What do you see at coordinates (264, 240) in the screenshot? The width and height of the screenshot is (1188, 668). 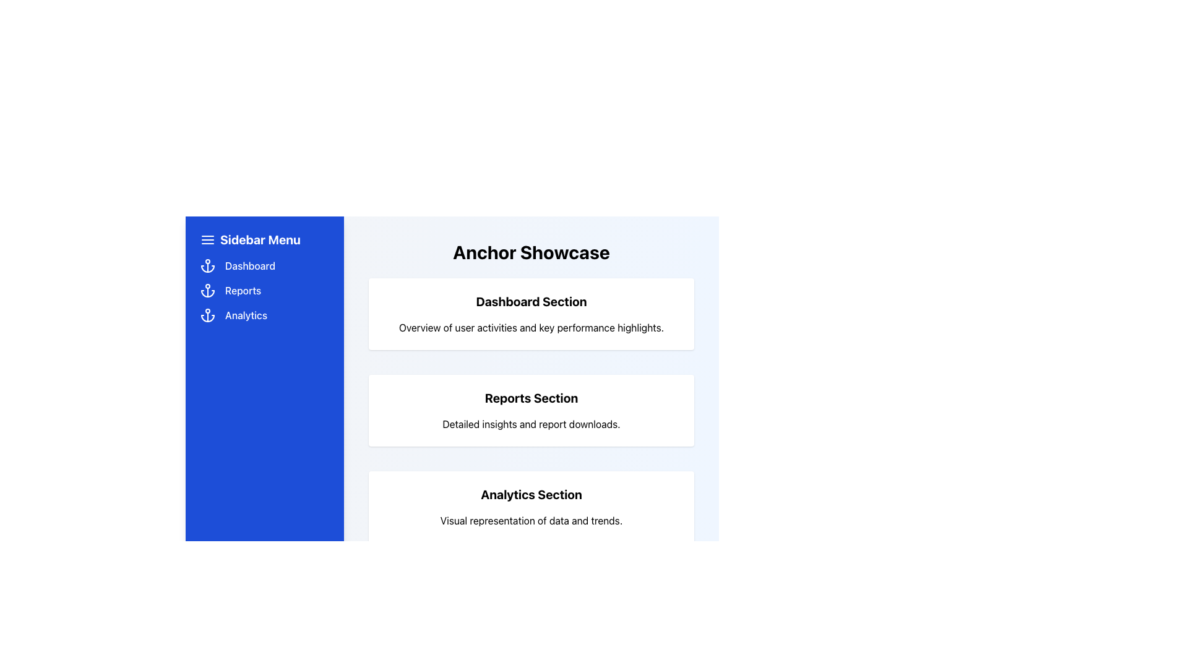 I see `the header with icon in the blue sidebar, which serves as a title indicating the menu's context to the user` at bounding box center [264, 240].